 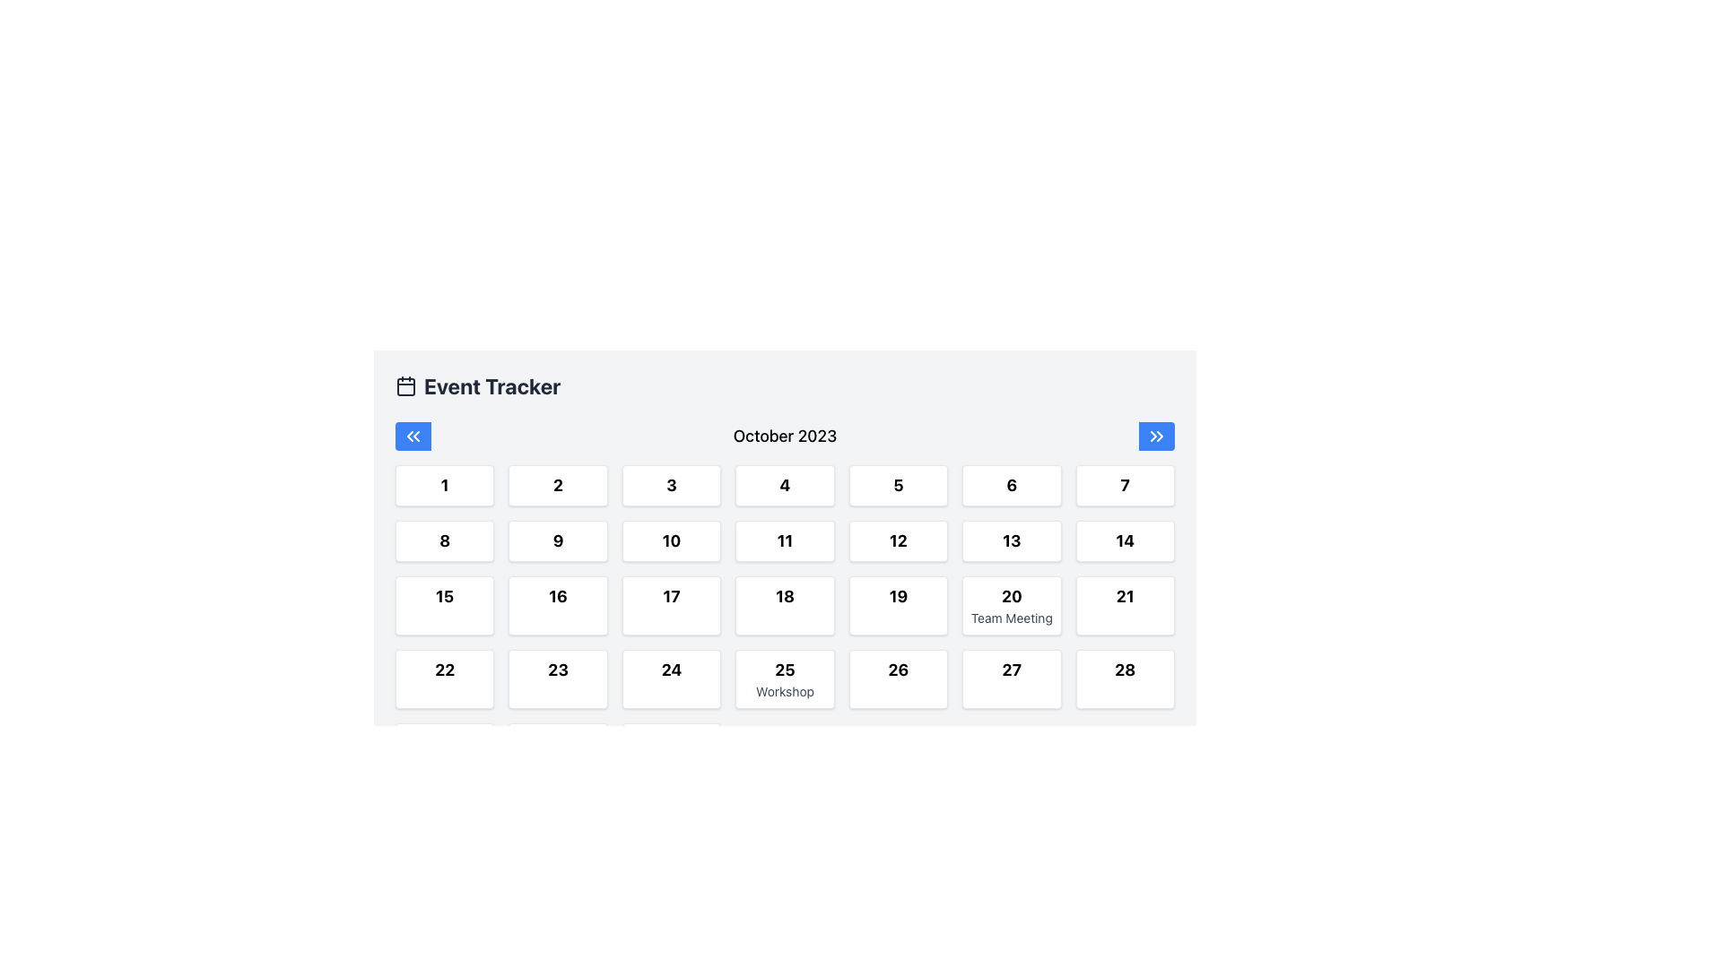 What do you see at coordinates (898, 540) in the screenshot?
I see `the clickable calendar date cell representing the date 12 in the October 2023 calendar` at bounding box center [898, 540].